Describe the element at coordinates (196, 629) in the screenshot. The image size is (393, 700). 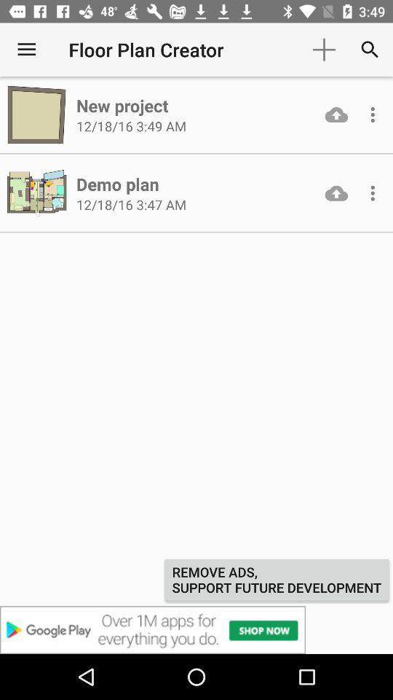
I see `addvadisment` at that location.